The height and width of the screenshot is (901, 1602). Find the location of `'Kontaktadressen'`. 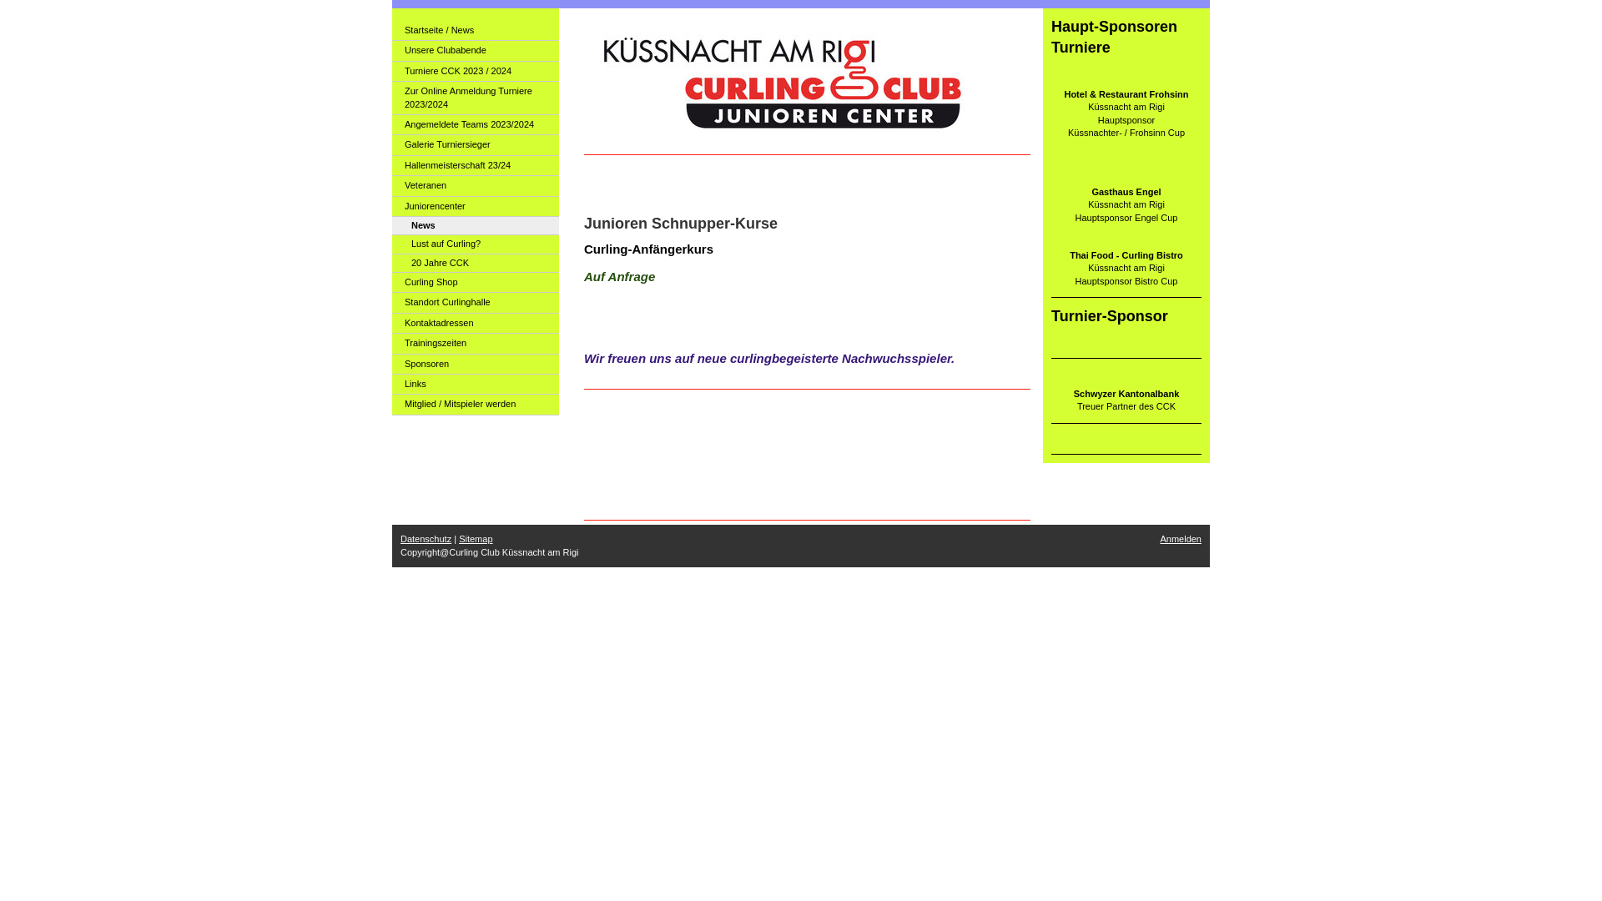

'Kontaktadressen' is located at coordinates (475, 324).